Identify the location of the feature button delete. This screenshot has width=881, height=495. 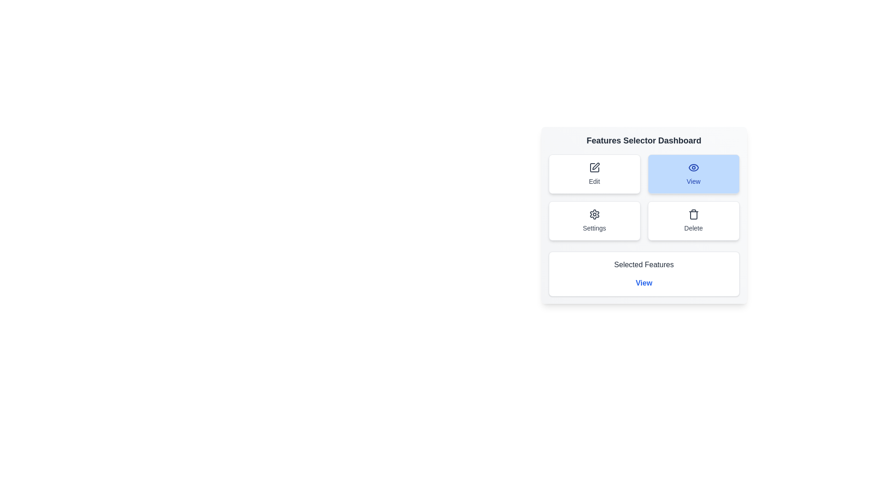
(693, 221).